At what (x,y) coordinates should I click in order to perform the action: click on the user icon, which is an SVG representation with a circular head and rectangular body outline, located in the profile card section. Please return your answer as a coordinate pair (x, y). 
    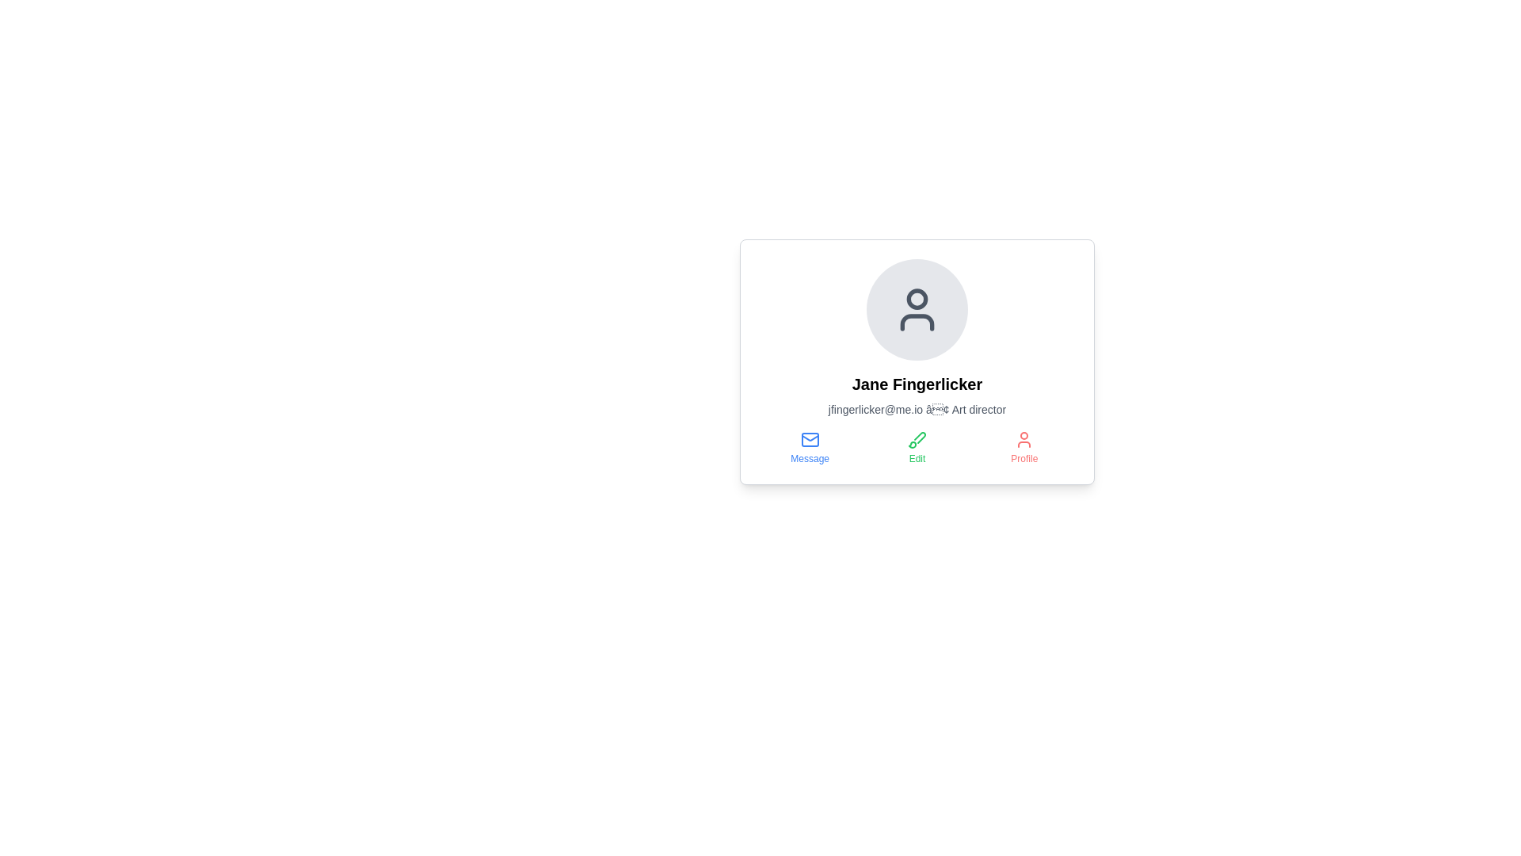
    Looking at the image, I should click on (917, 309).